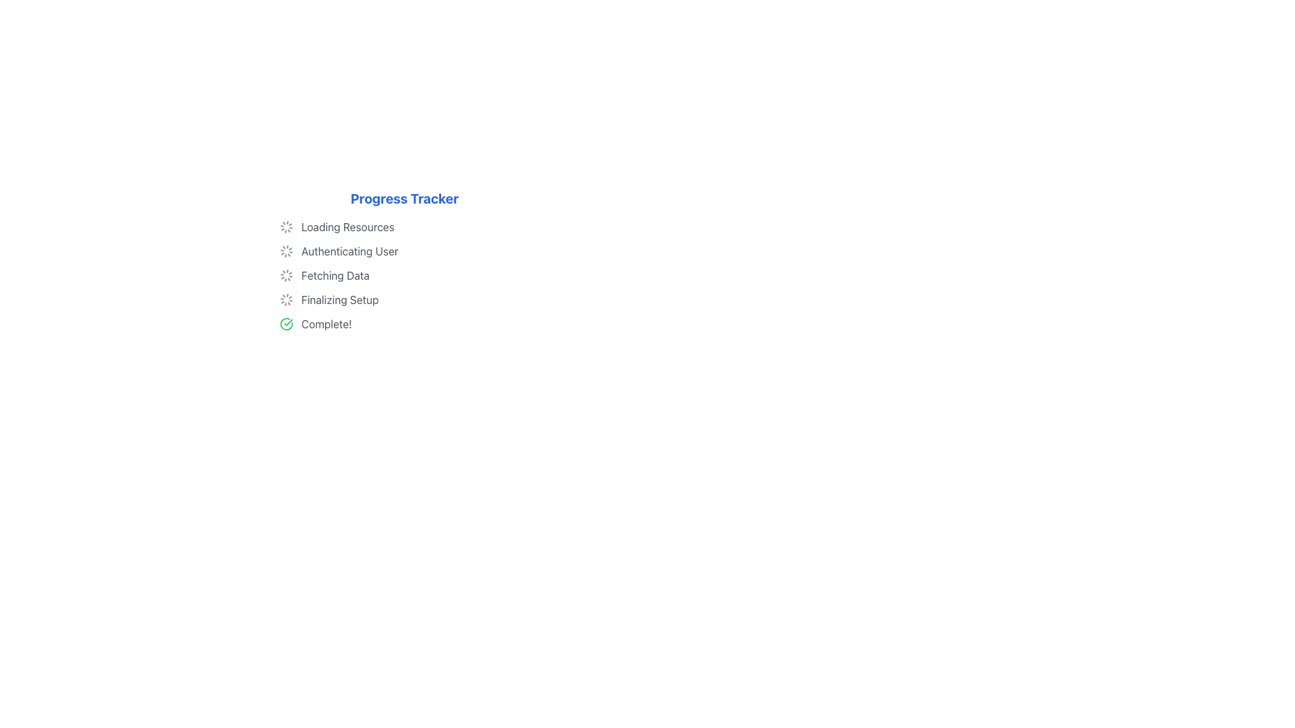 This screenshot has height=728, width=1295. Describe the element at coordinates (286, 251) in the screenshot. I see `the gray circular Loader/Spinner icon located next to the text 'Authenticating User' under the 'Progress Tracker' heading` at that location.